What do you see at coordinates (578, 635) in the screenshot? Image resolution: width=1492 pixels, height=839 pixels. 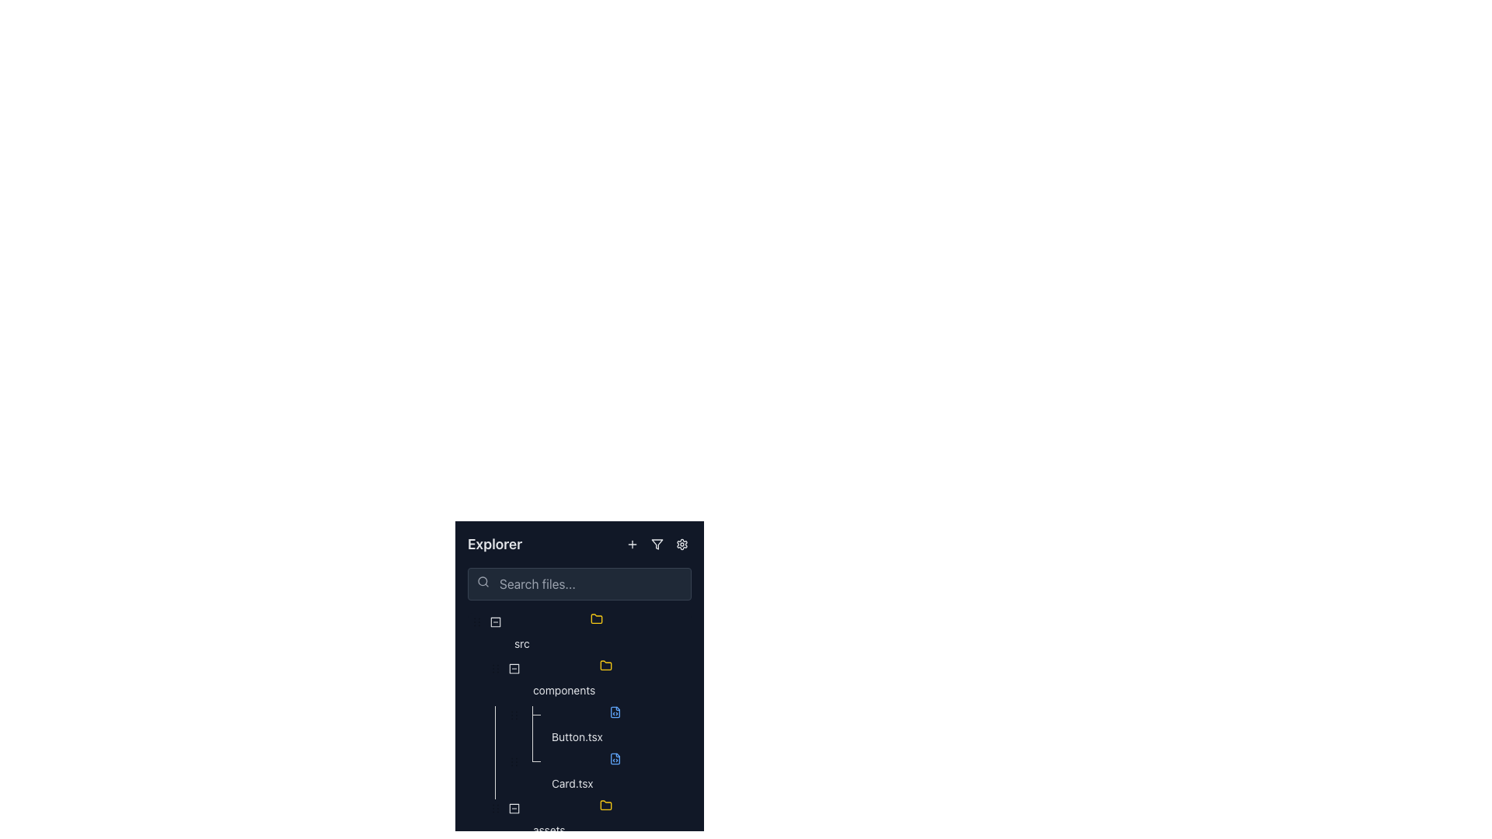 I see `the Treeview item labeled 'src'` at bounding box center [578, 635].